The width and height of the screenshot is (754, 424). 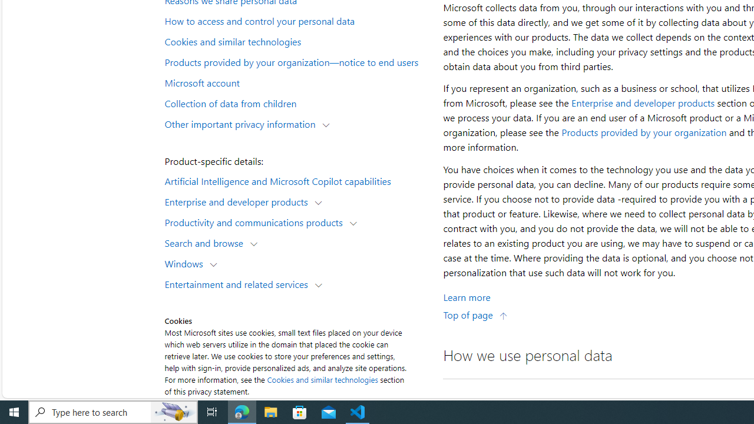 I want to click on 'Artificial Intelligence and Microsoft Copilot capabilities', so click(x=297, y=180).